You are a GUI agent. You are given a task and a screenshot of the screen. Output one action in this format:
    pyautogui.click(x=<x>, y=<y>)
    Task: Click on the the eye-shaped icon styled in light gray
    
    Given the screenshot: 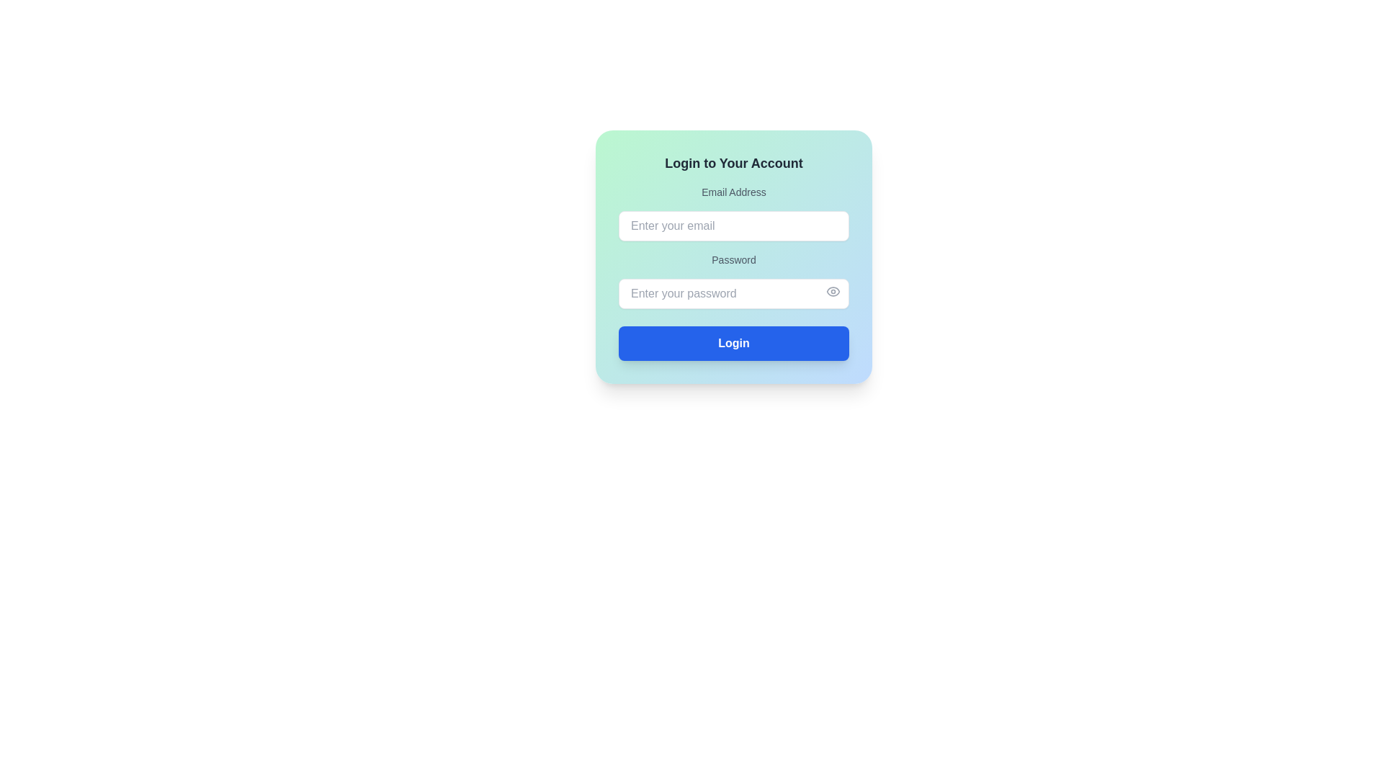 What is the action you would take?
    pyautogui.click(x=833, y=292)
    